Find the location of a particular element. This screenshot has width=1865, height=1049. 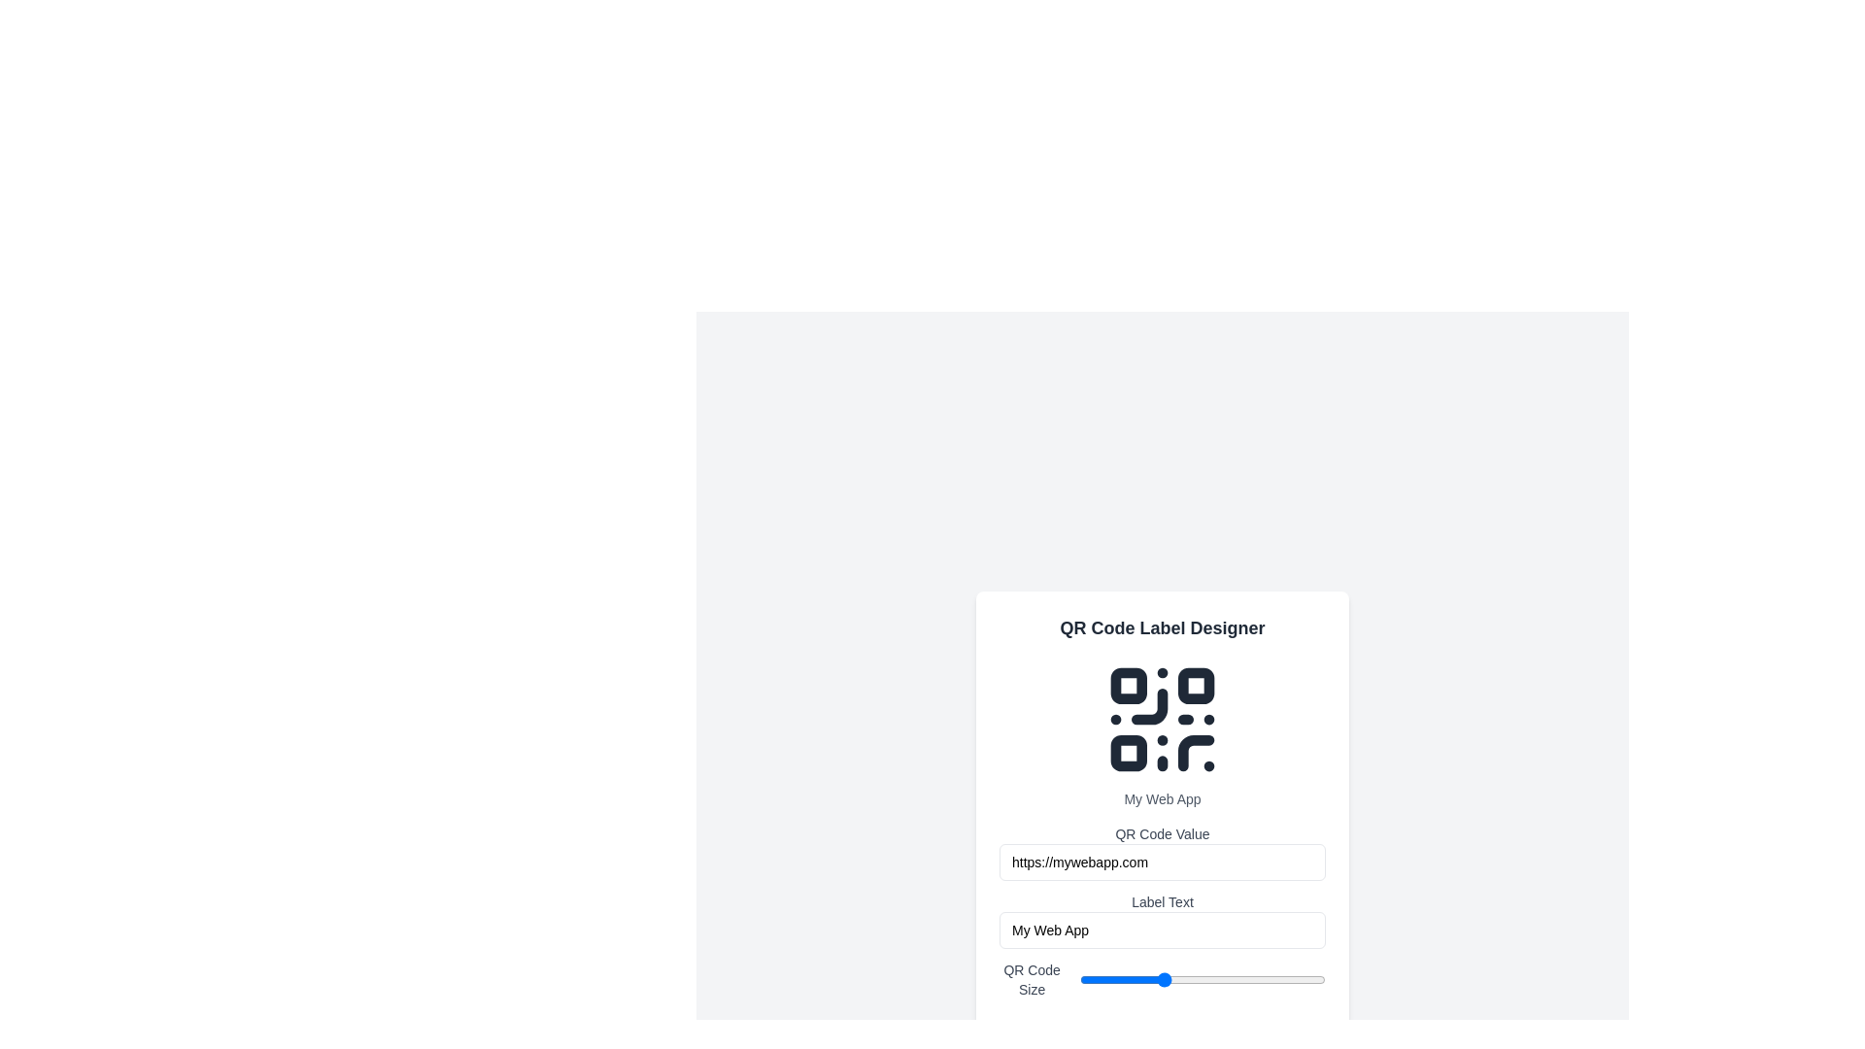

the text label displaying 'Label Text' in a smaller, gray font, which is the second label in the vertical layout between the 'QR Code Value' field and 'My Web App' is located at coordinates (1162, 911).